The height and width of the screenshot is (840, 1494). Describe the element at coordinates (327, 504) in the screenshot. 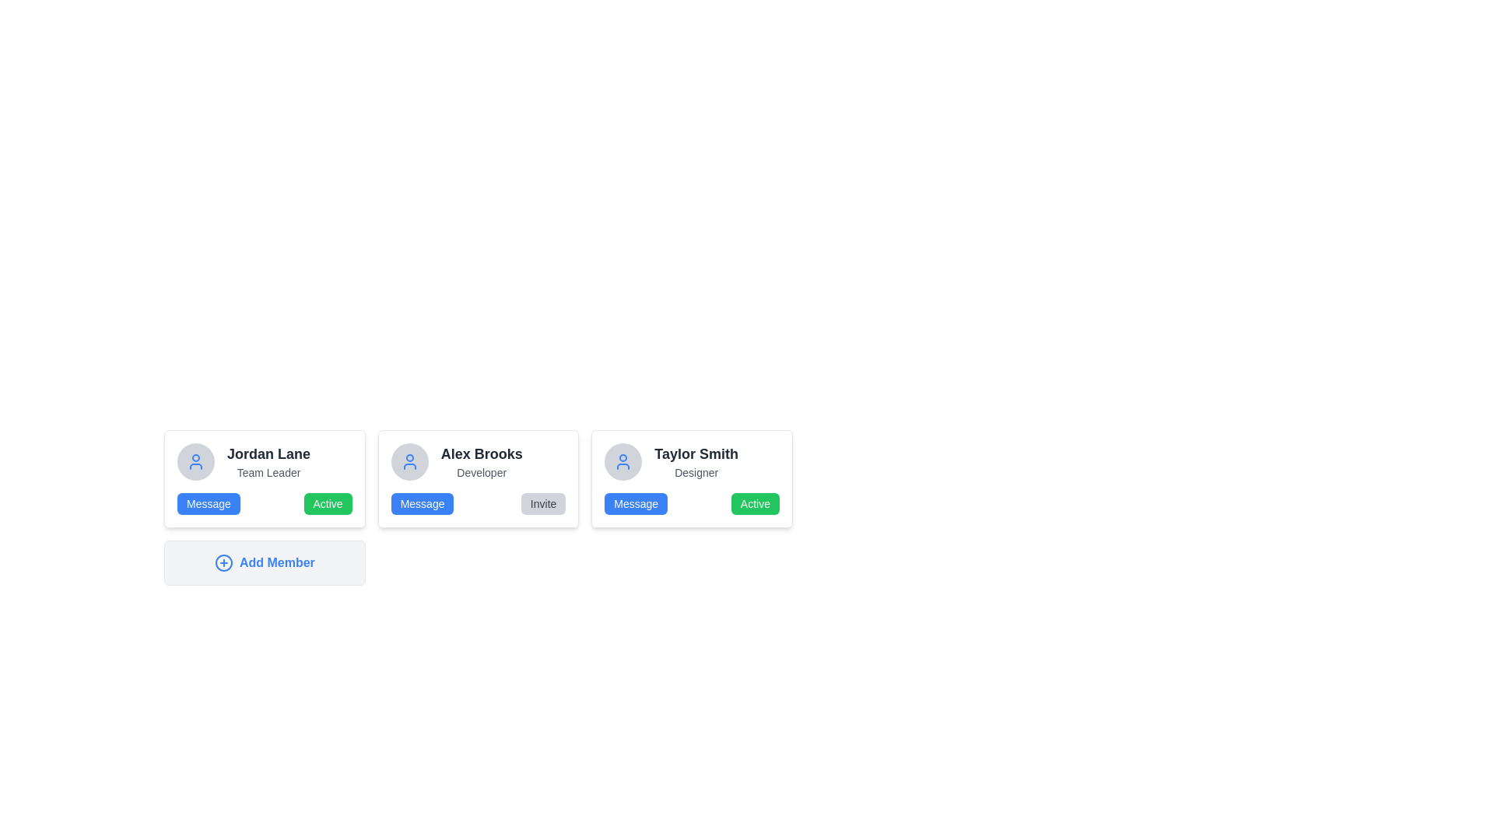

I see `the active status button for 'Jordan Lane', the Team Leader` at that location.